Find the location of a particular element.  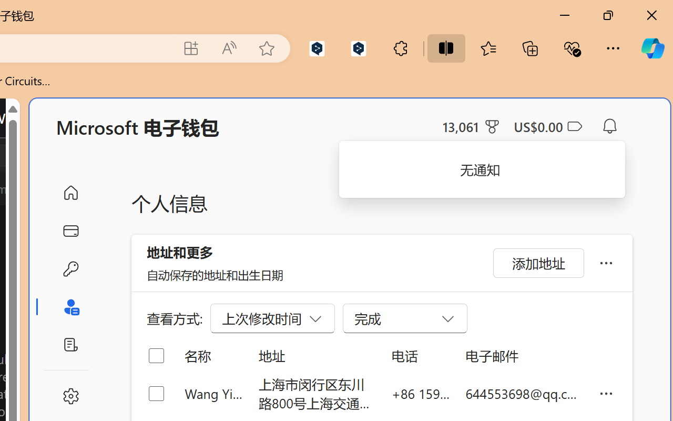

'644553698@qq.com' is located at coordinates (524, 393).